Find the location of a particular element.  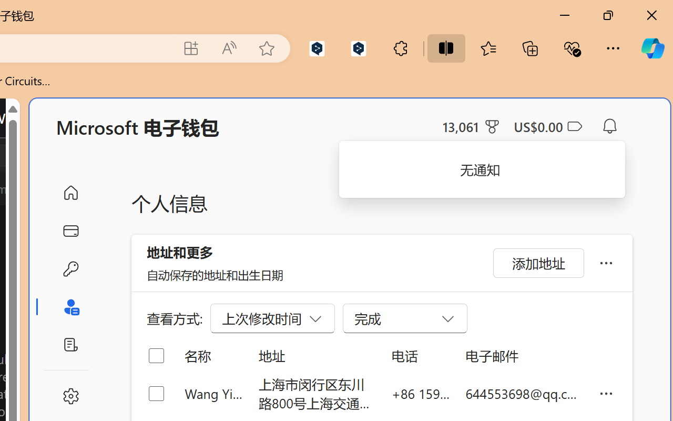

'644553698@qq.com' is located at coordinates (524, 393).